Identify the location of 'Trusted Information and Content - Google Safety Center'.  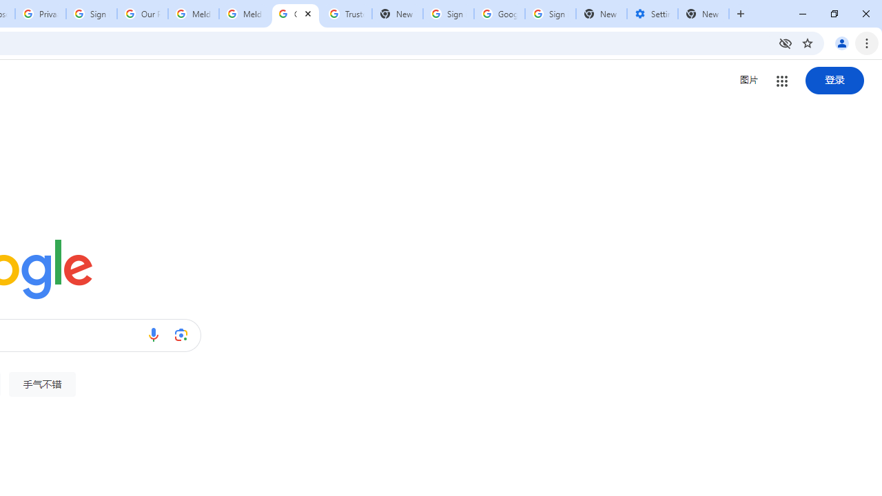
(347, 14).